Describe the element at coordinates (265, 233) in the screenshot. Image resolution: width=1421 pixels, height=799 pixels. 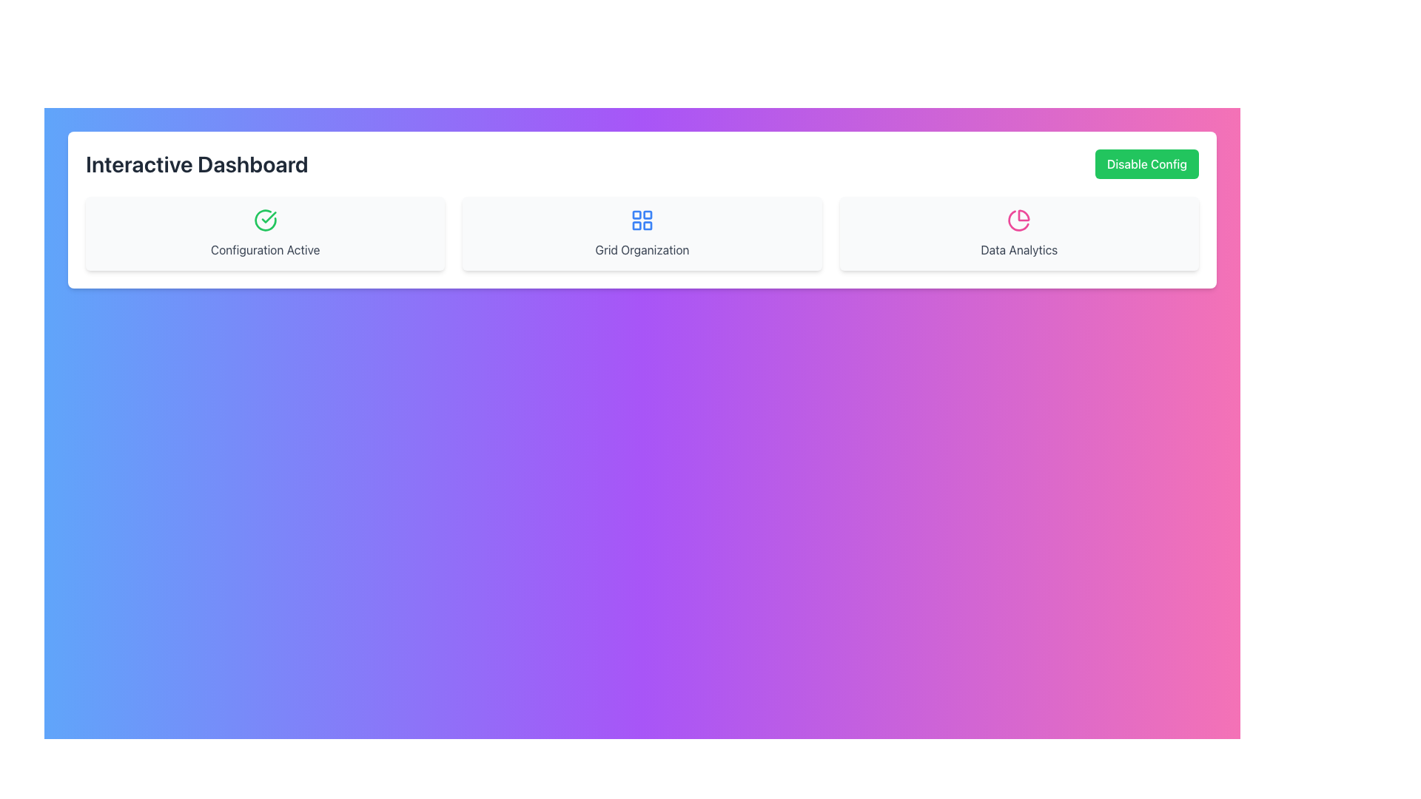
I see `the details of the 'Configuration Active' status card located at the top left of the dashboard grid layout` at that location.